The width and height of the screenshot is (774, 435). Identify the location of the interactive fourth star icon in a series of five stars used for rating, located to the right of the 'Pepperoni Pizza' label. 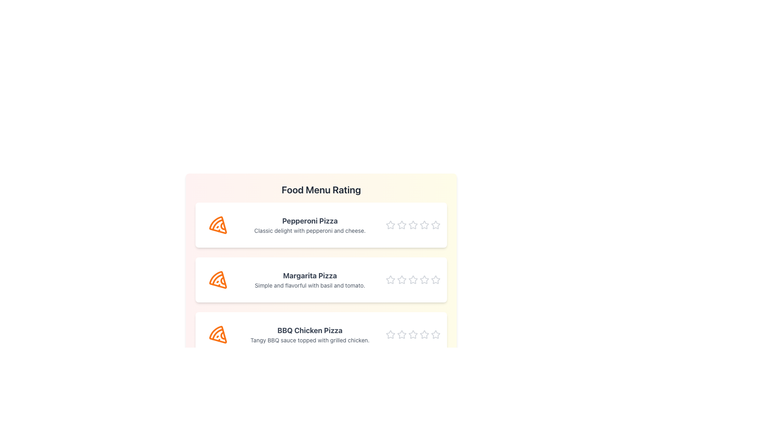
(424, 225).